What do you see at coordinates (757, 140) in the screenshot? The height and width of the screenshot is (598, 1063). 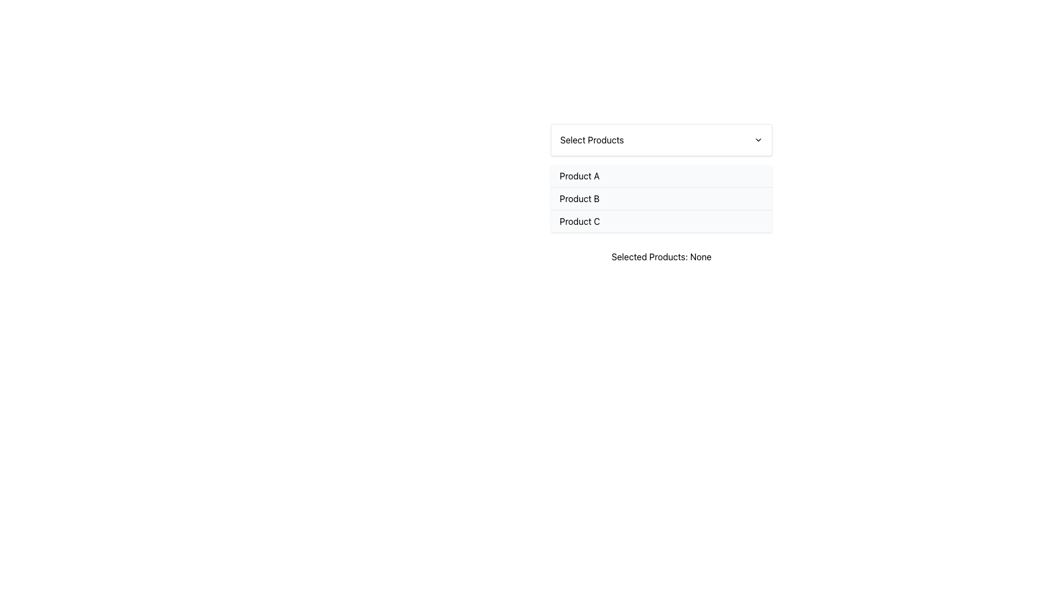 I see `the downward-pointing chevron icon located on the far right side of the 'Select Products' dropdown button to receive a visual response` at bounding box center [757, 140].